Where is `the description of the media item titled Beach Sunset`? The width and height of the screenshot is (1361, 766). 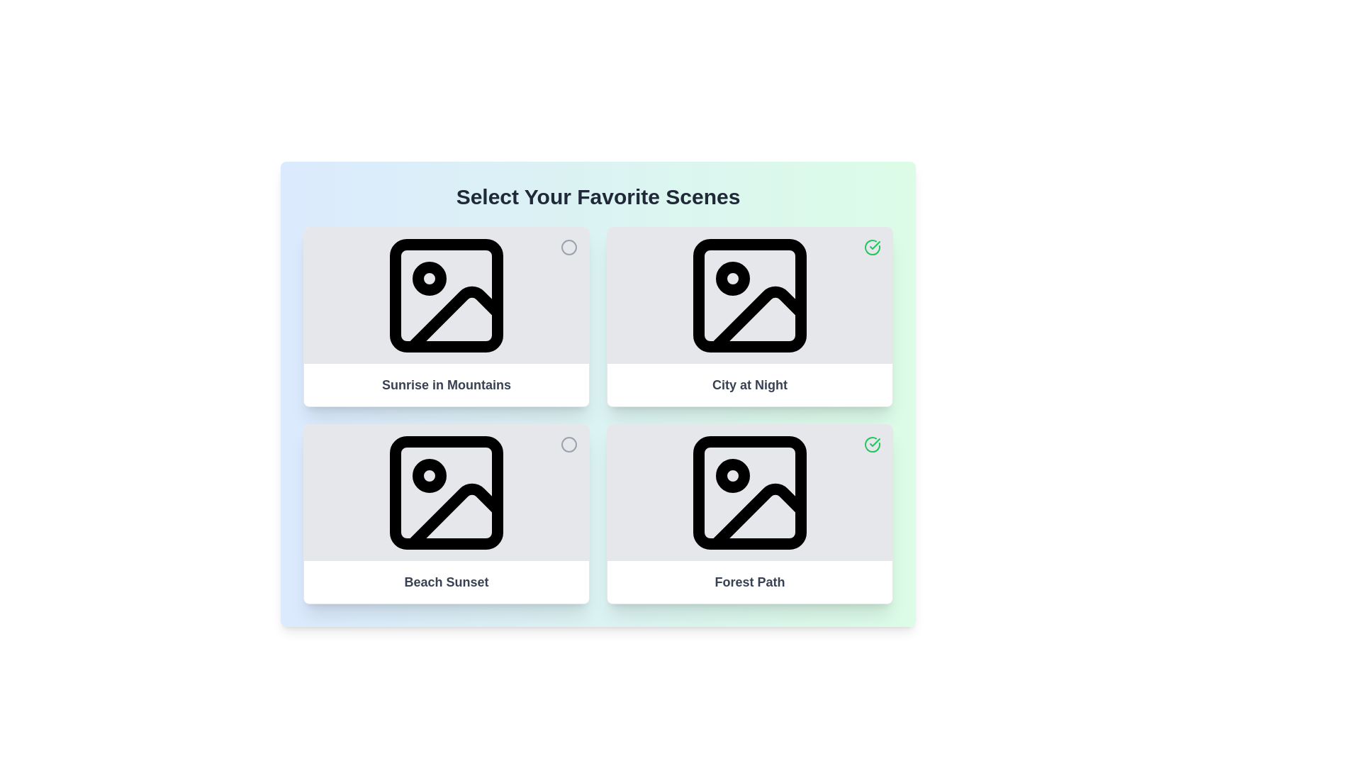 the description of the media item titled Beach Sunset is located at coordinates (445, 582).